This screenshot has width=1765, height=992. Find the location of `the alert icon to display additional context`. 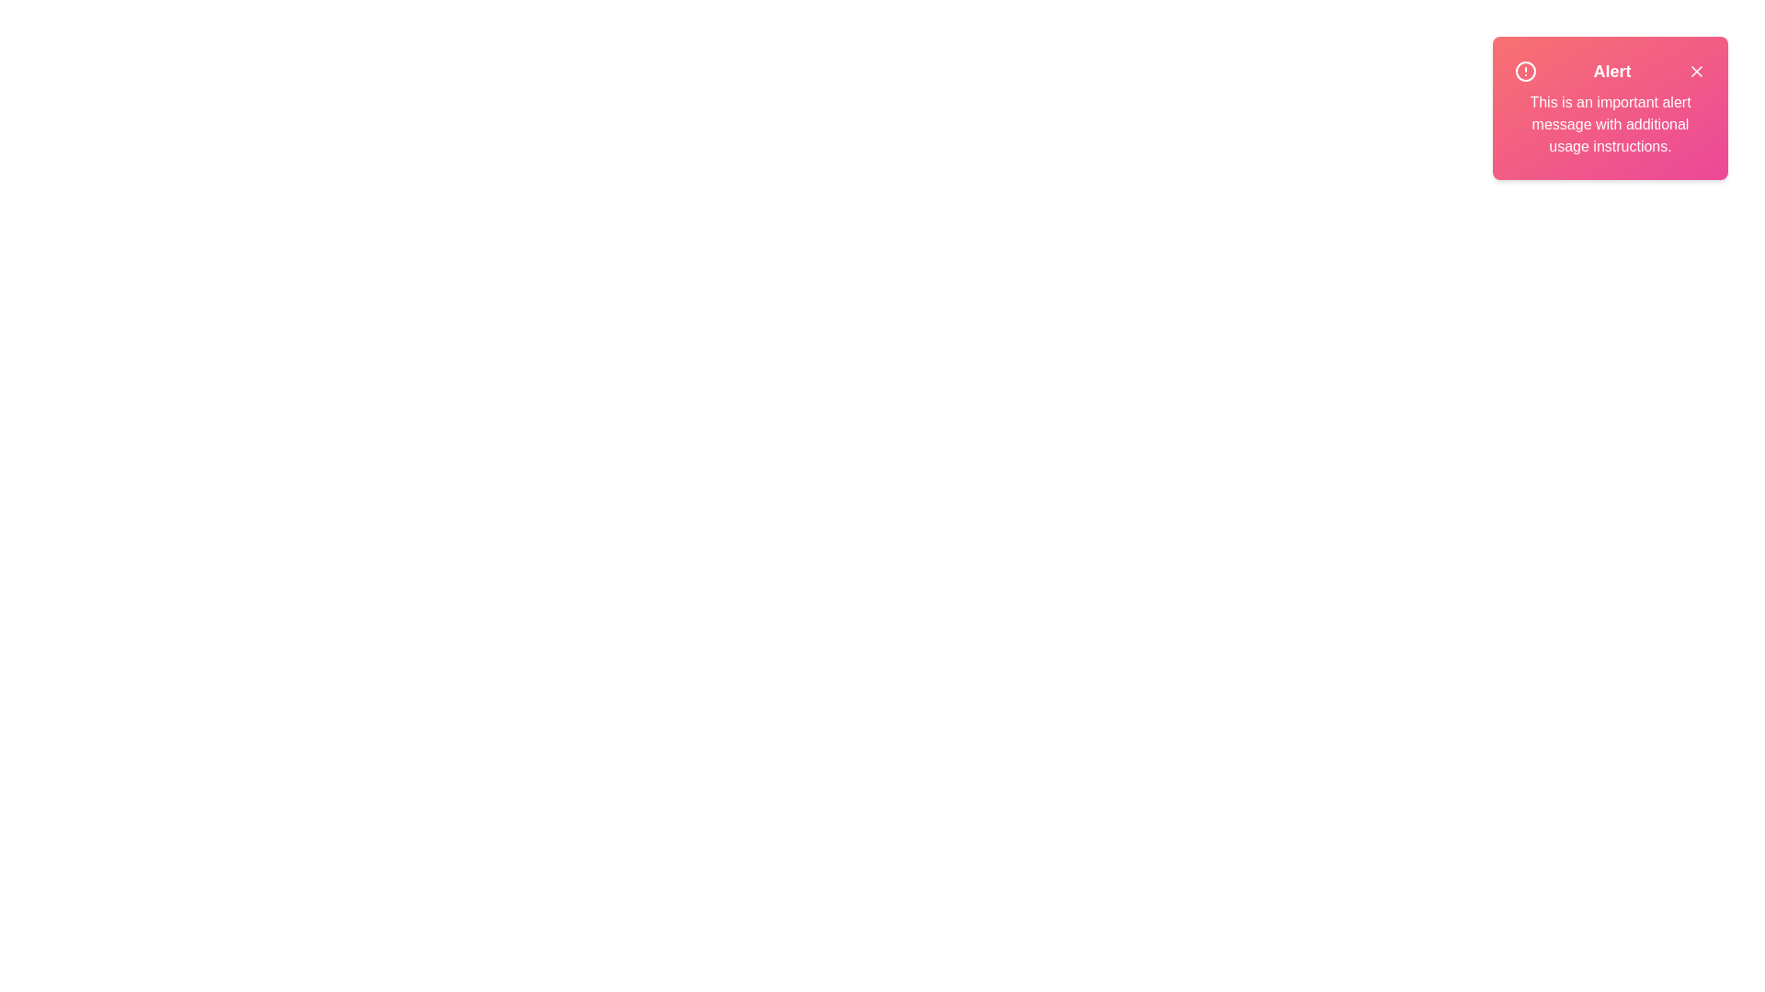

the alert icon to display additional context is located at coordinates (1526, 70).